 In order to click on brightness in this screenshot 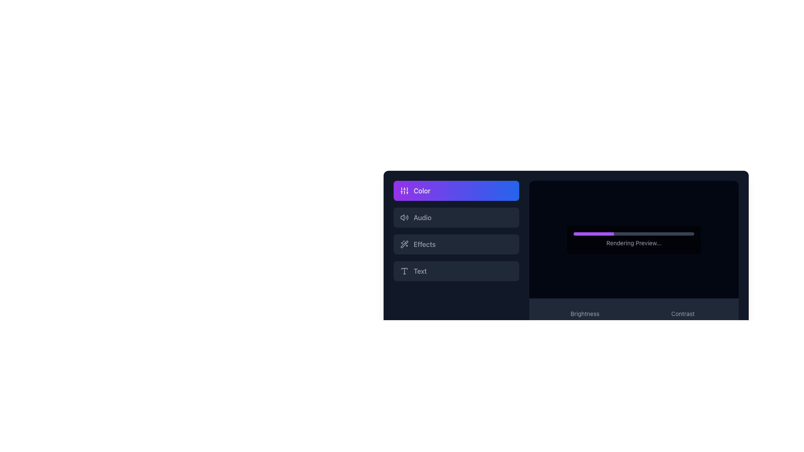, I will do `click(564, 324)`.